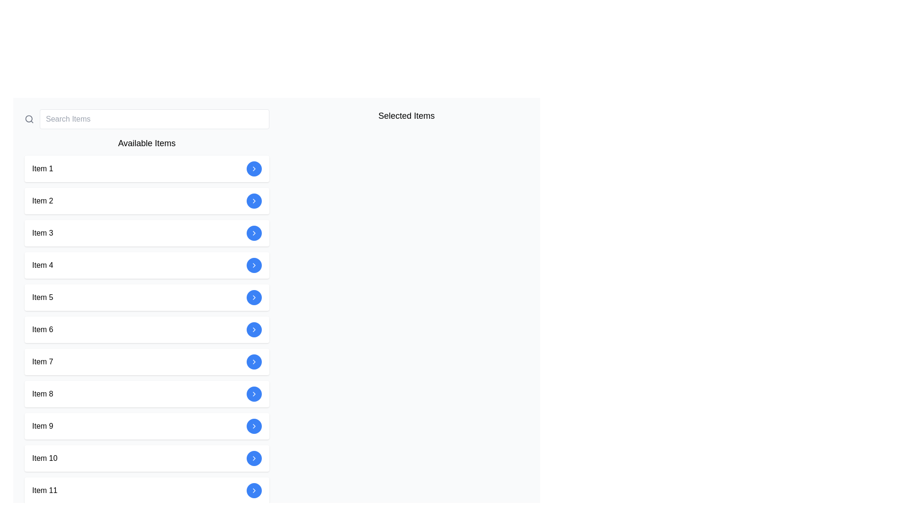  Describe the element at coordinates (254, 297) in the screenshot. I see `the button located on the right side of 'Item 5'` at that location.